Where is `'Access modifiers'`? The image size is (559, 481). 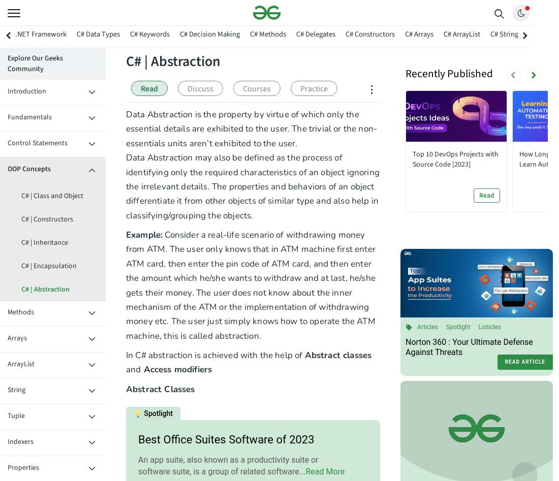 'Access modifiers' is located at coordinates (176, 369).